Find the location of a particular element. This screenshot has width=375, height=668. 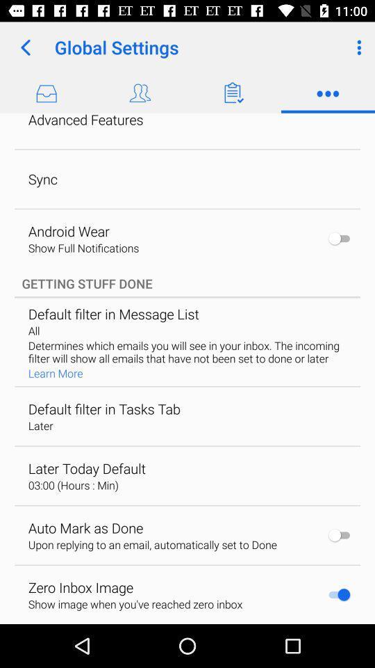

icon above sync app is located at coordinates (85, 120).